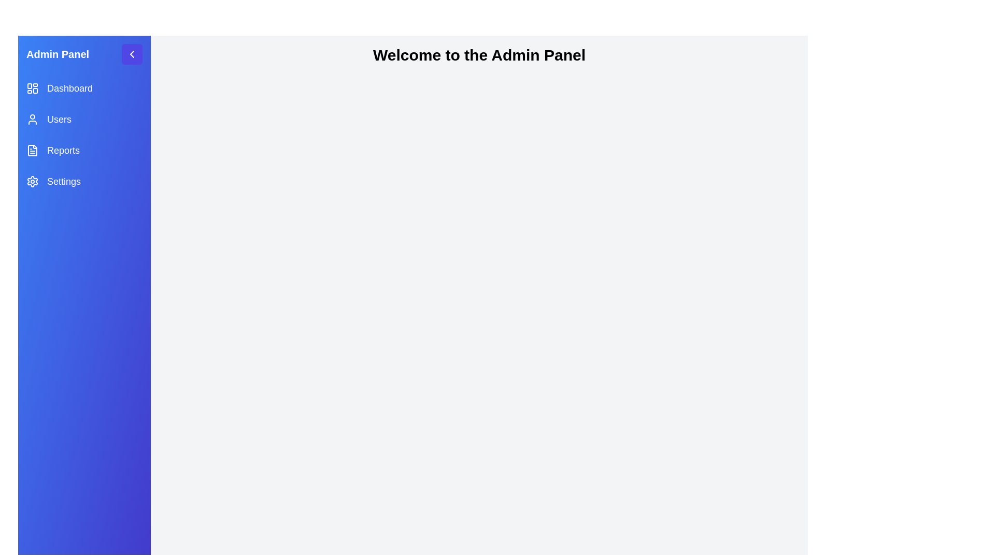  I want to click on the 'Admin Panel' header element which features a bold, large font and is accompanied by a purple rounded button with a left-pointing chevron icon, so click(84, 54).